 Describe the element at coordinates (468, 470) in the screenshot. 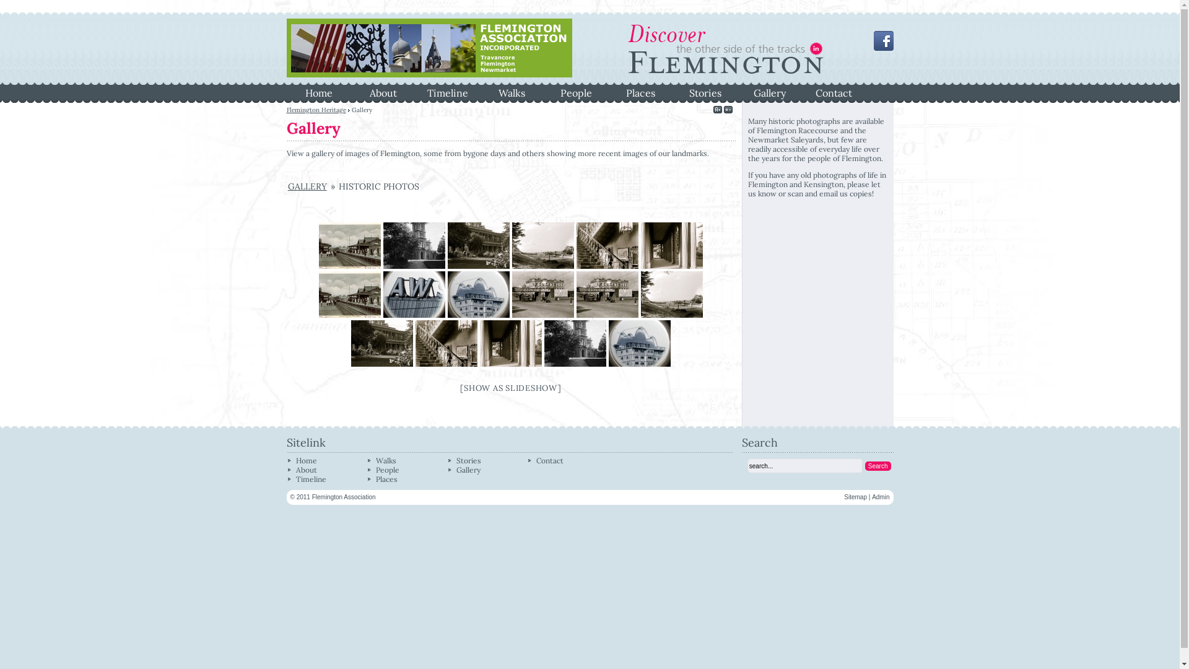

I see `'Gallery'` at that location.